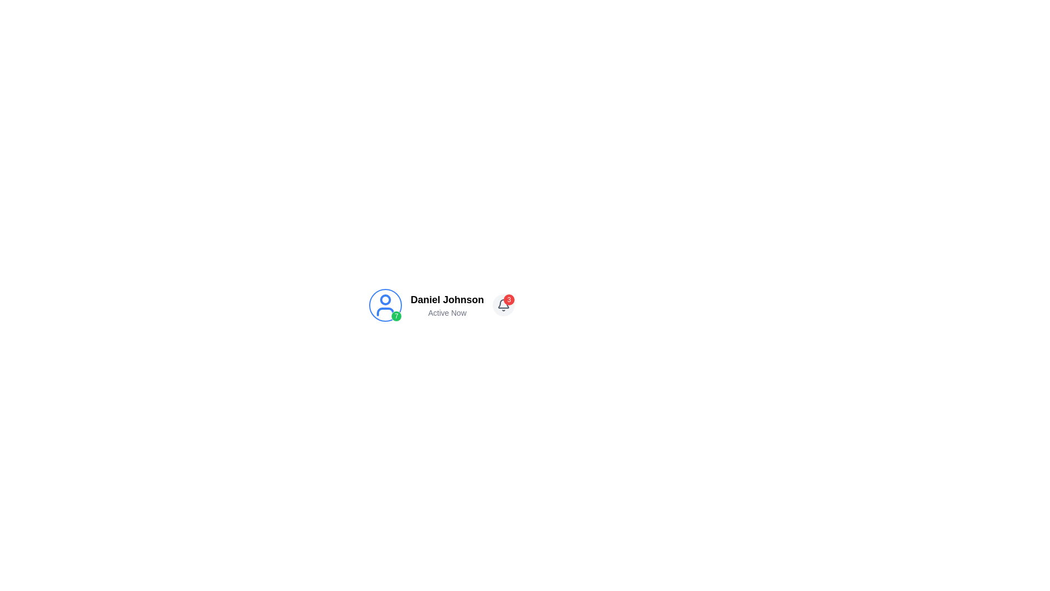  What do you see at coordinates (509, 299) in the screenshot?
I see `the badge indicating the number of pending notifications associated with the bell icon, which is positioned at the top-right corner of the bell icon` at bounding box center [509, 299].